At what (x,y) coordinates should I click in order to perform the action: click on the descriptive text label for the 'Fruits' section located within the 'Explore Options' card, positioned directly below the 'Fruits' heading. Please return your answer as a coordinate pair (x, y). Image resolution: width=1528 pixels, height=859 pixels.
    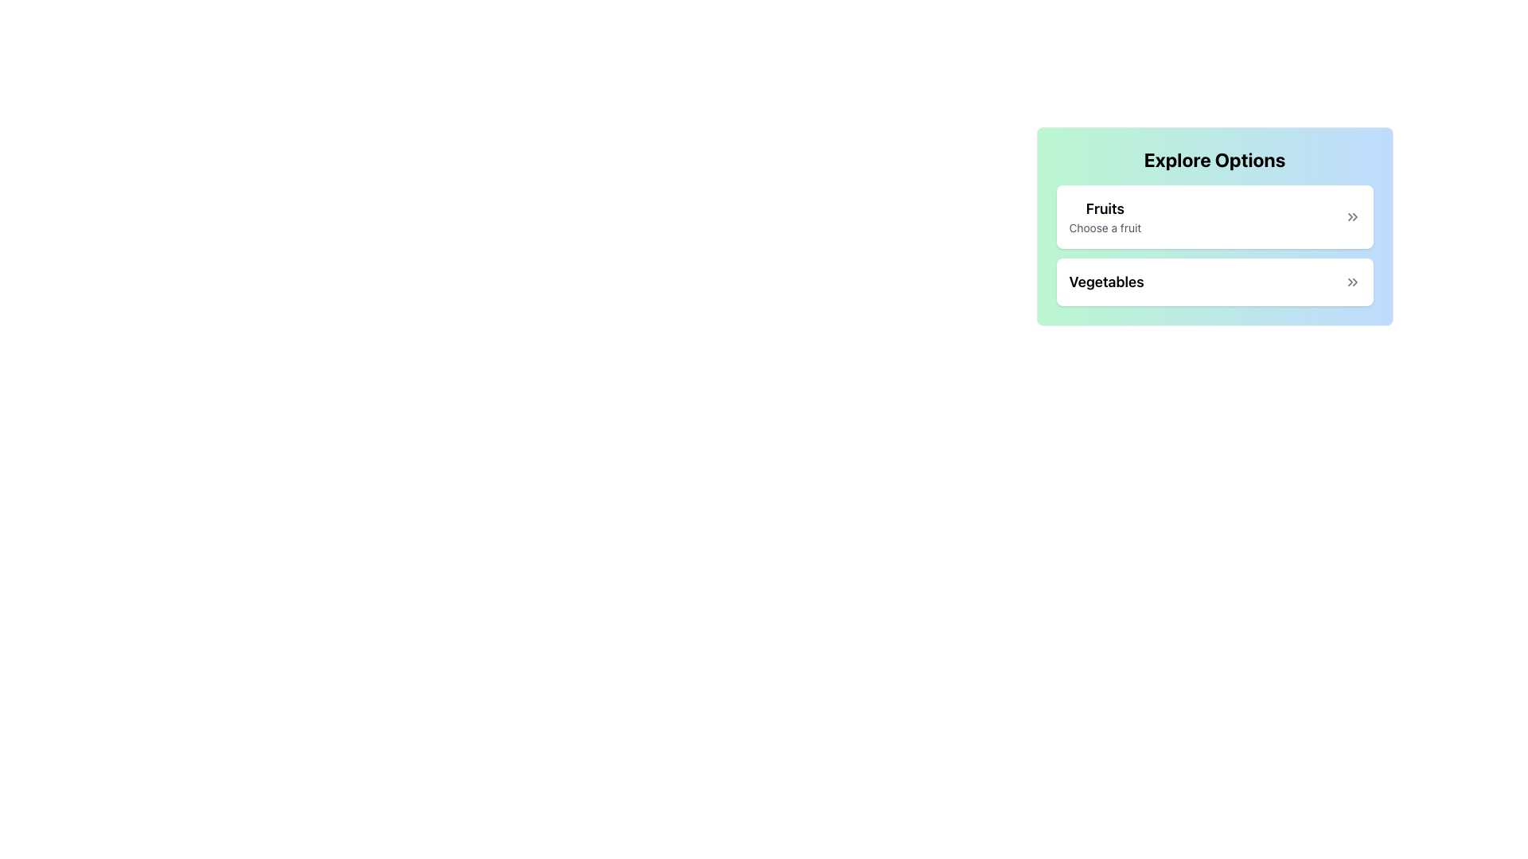
    Looking at the image, I should click on (1104, 227).